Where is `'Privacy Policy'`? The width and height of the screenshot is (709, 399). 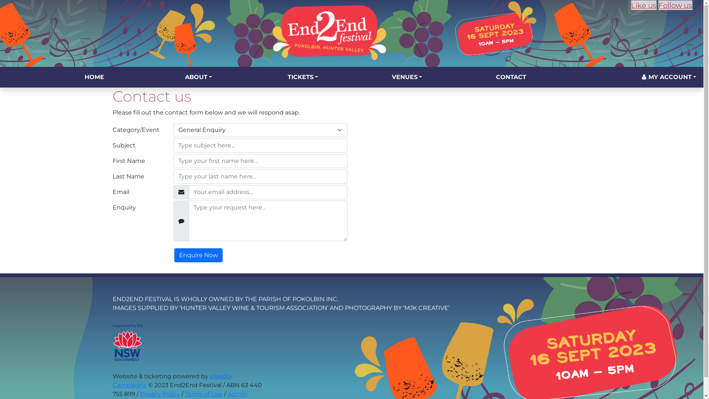
'Privacy Policy' is located at coordinates (159, 393).